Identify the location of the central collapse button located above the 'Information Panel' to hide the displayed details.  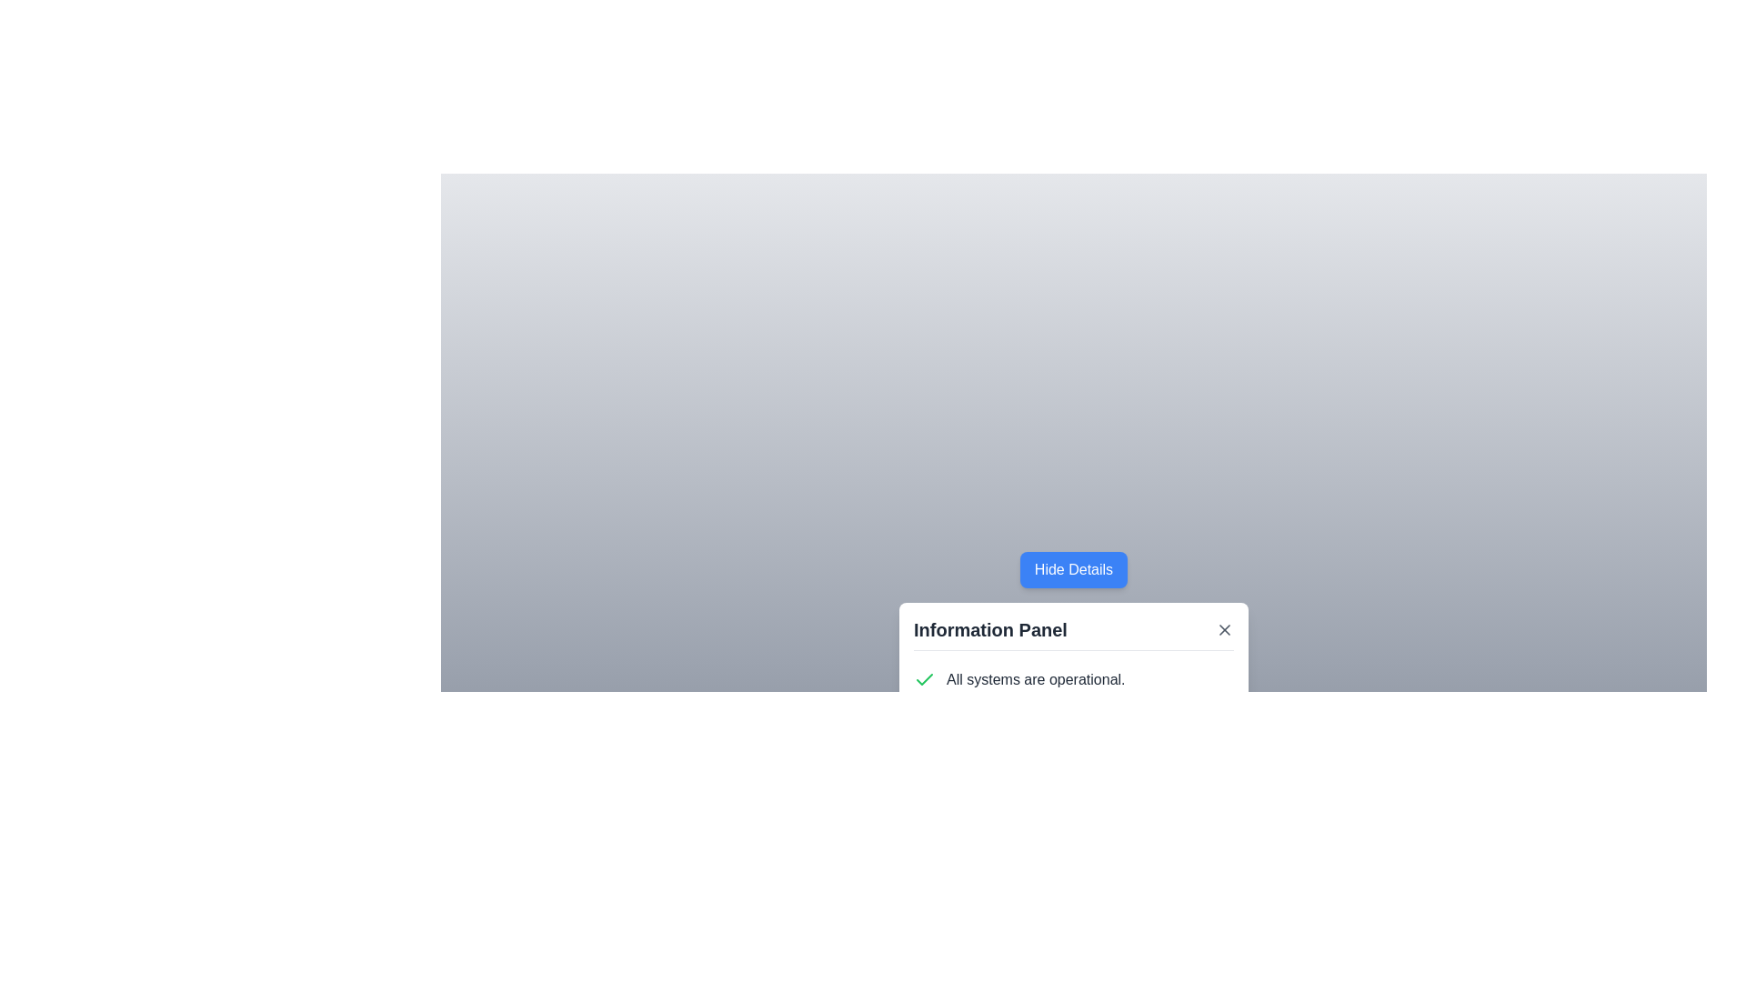
(1073, 568).